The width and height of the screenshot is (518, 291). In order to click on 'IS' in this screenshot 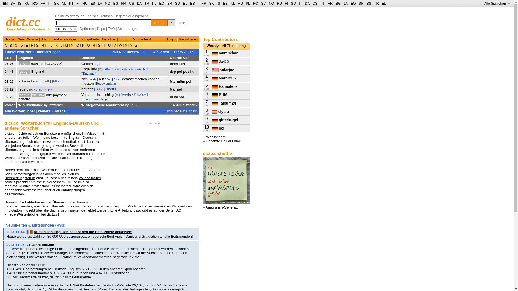, I will do `click(19, 3)`.